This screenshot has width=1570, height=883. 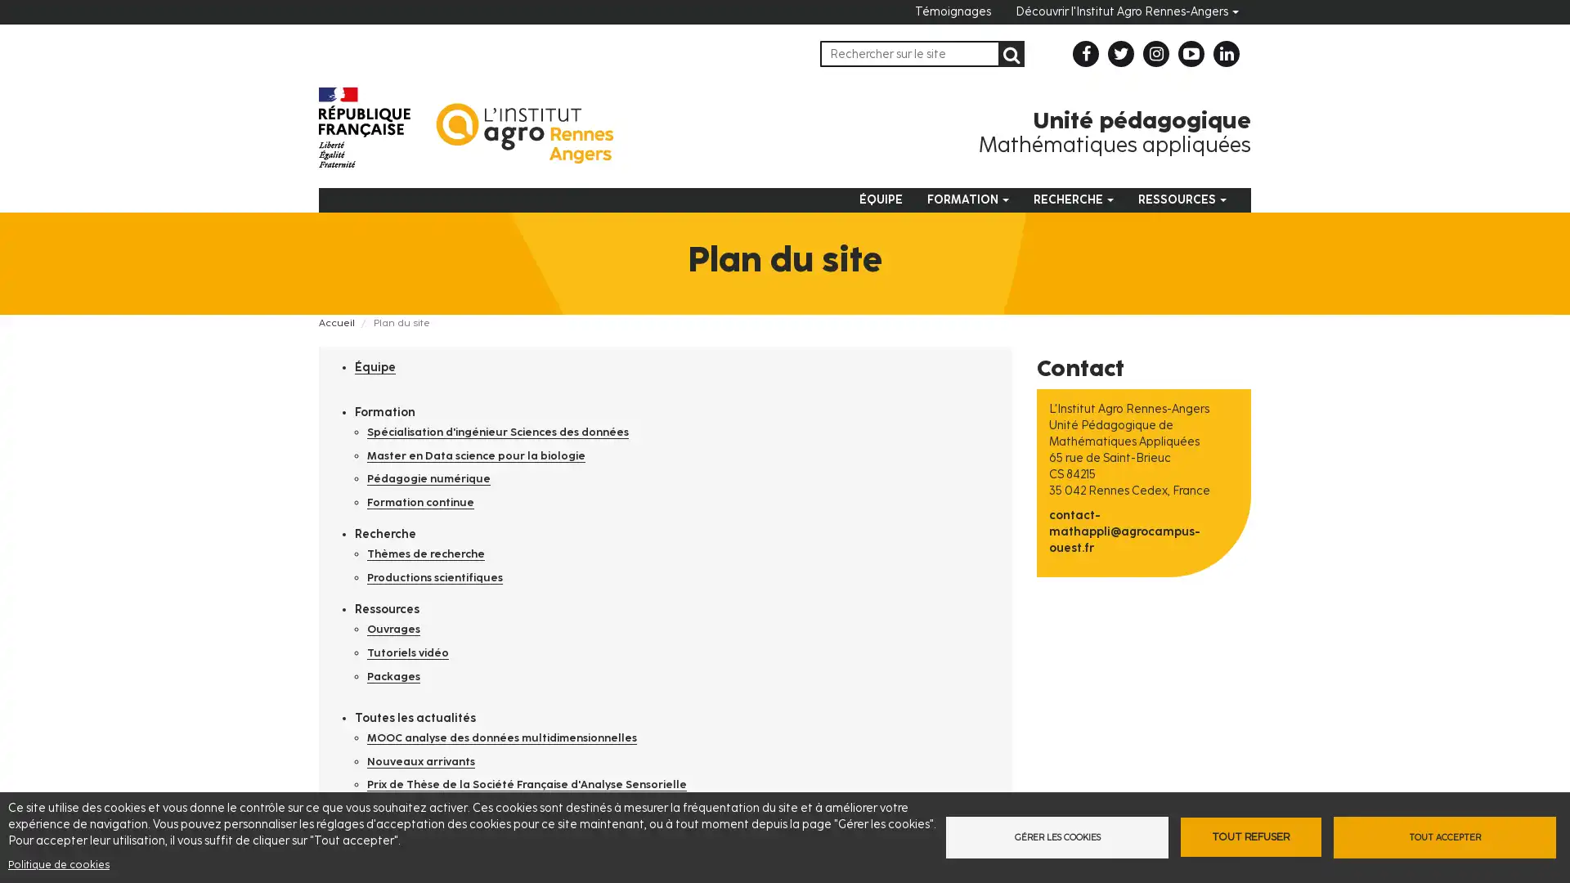 I want to click on TOUT REFUSER, so click(x=1249, y=836).